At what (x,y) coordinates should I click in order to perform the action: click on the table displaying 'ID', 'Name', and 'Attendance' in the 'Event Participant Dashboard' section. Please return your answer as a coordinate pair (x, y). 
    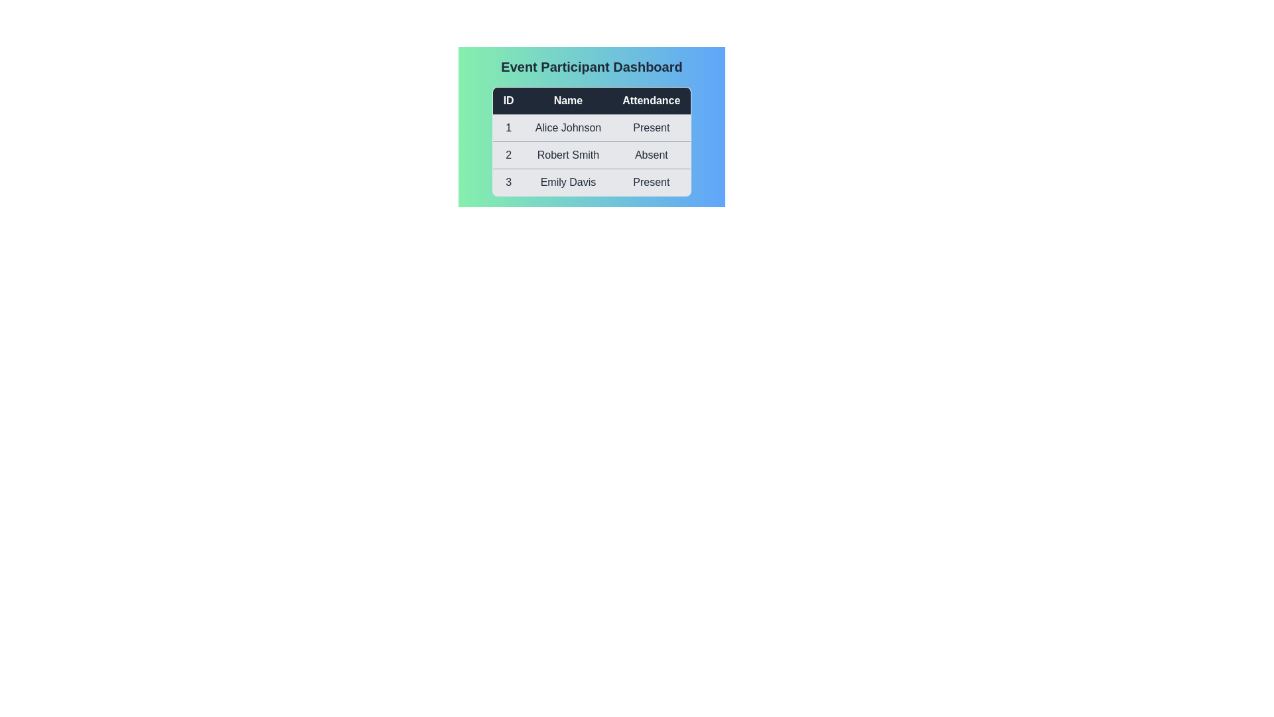
    Looking at the image, I should click on (591, 141).